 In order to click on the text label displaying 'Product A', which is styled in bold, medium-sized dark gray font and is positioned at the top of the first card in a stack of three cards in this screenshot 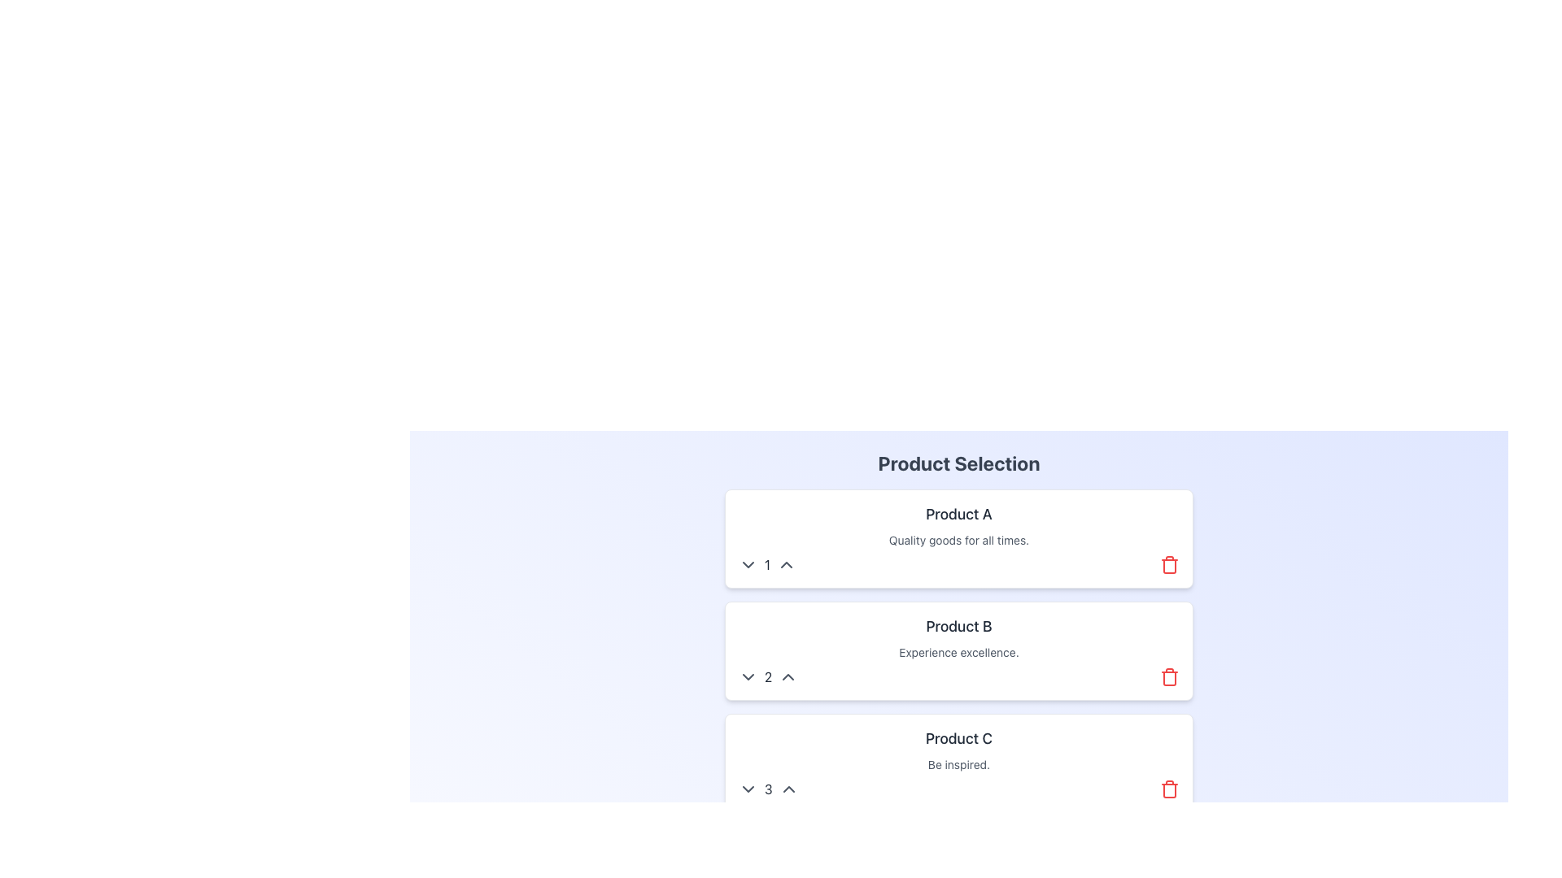, I will do `click(959, 514)`.